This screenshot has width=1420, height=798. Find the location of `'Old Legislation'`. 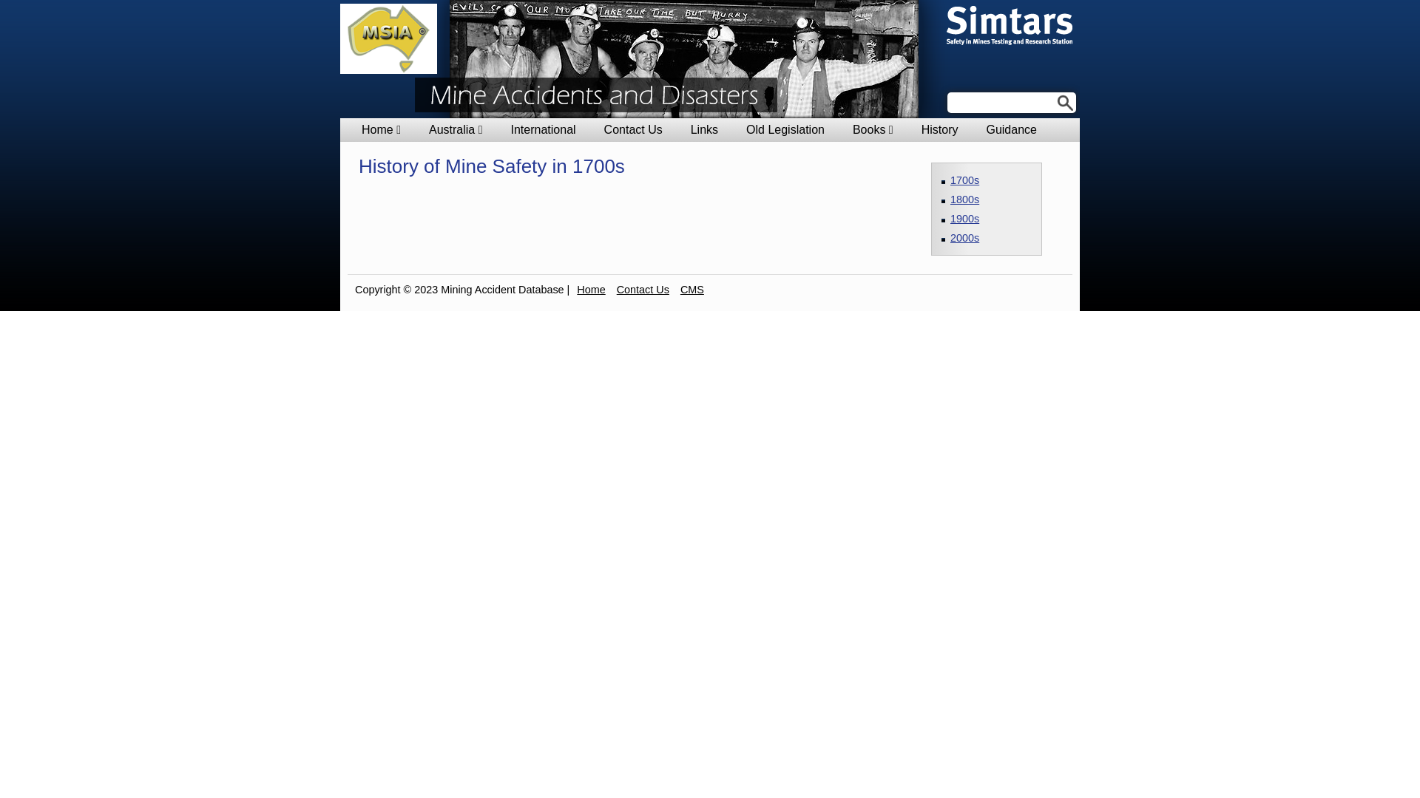

'Old Legislation' is located at coordinates (784, 129).